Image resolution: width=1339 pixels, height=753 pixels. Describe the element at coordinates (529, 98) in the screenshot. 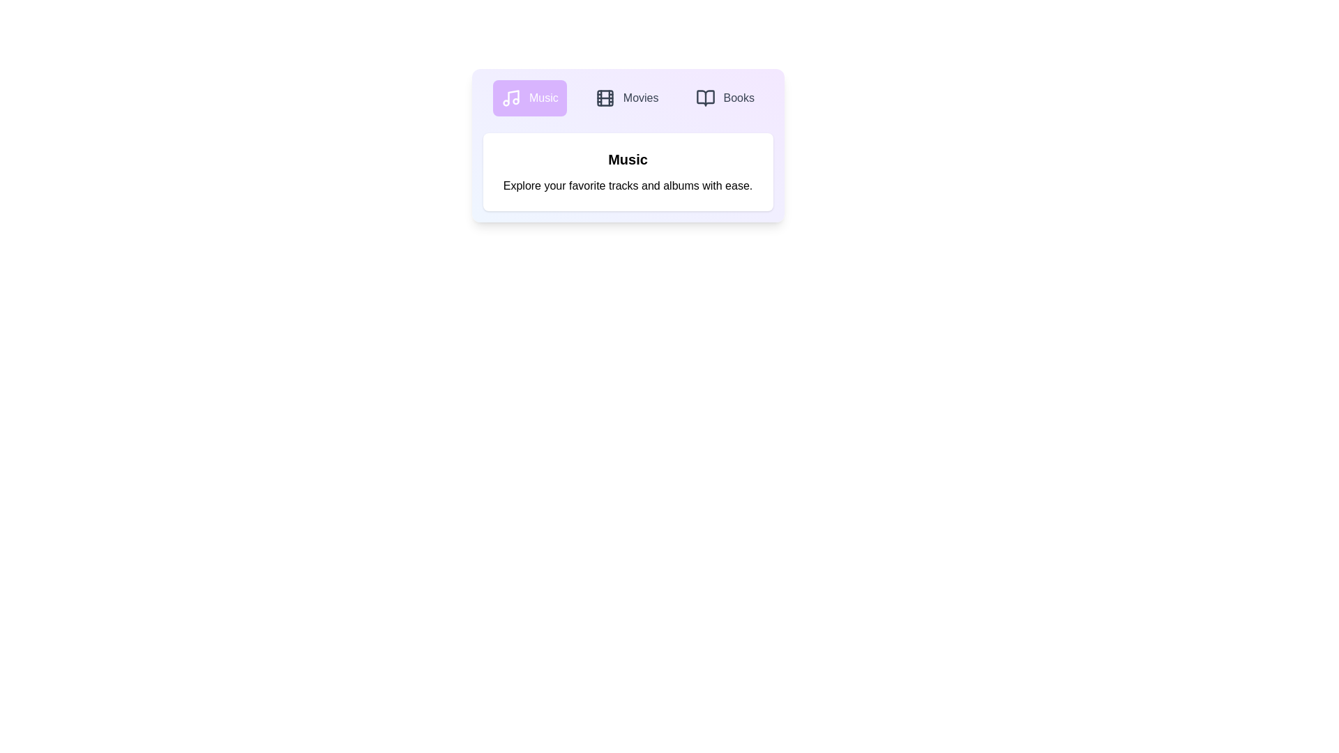

I see `the Music tab to view its content` at that location.